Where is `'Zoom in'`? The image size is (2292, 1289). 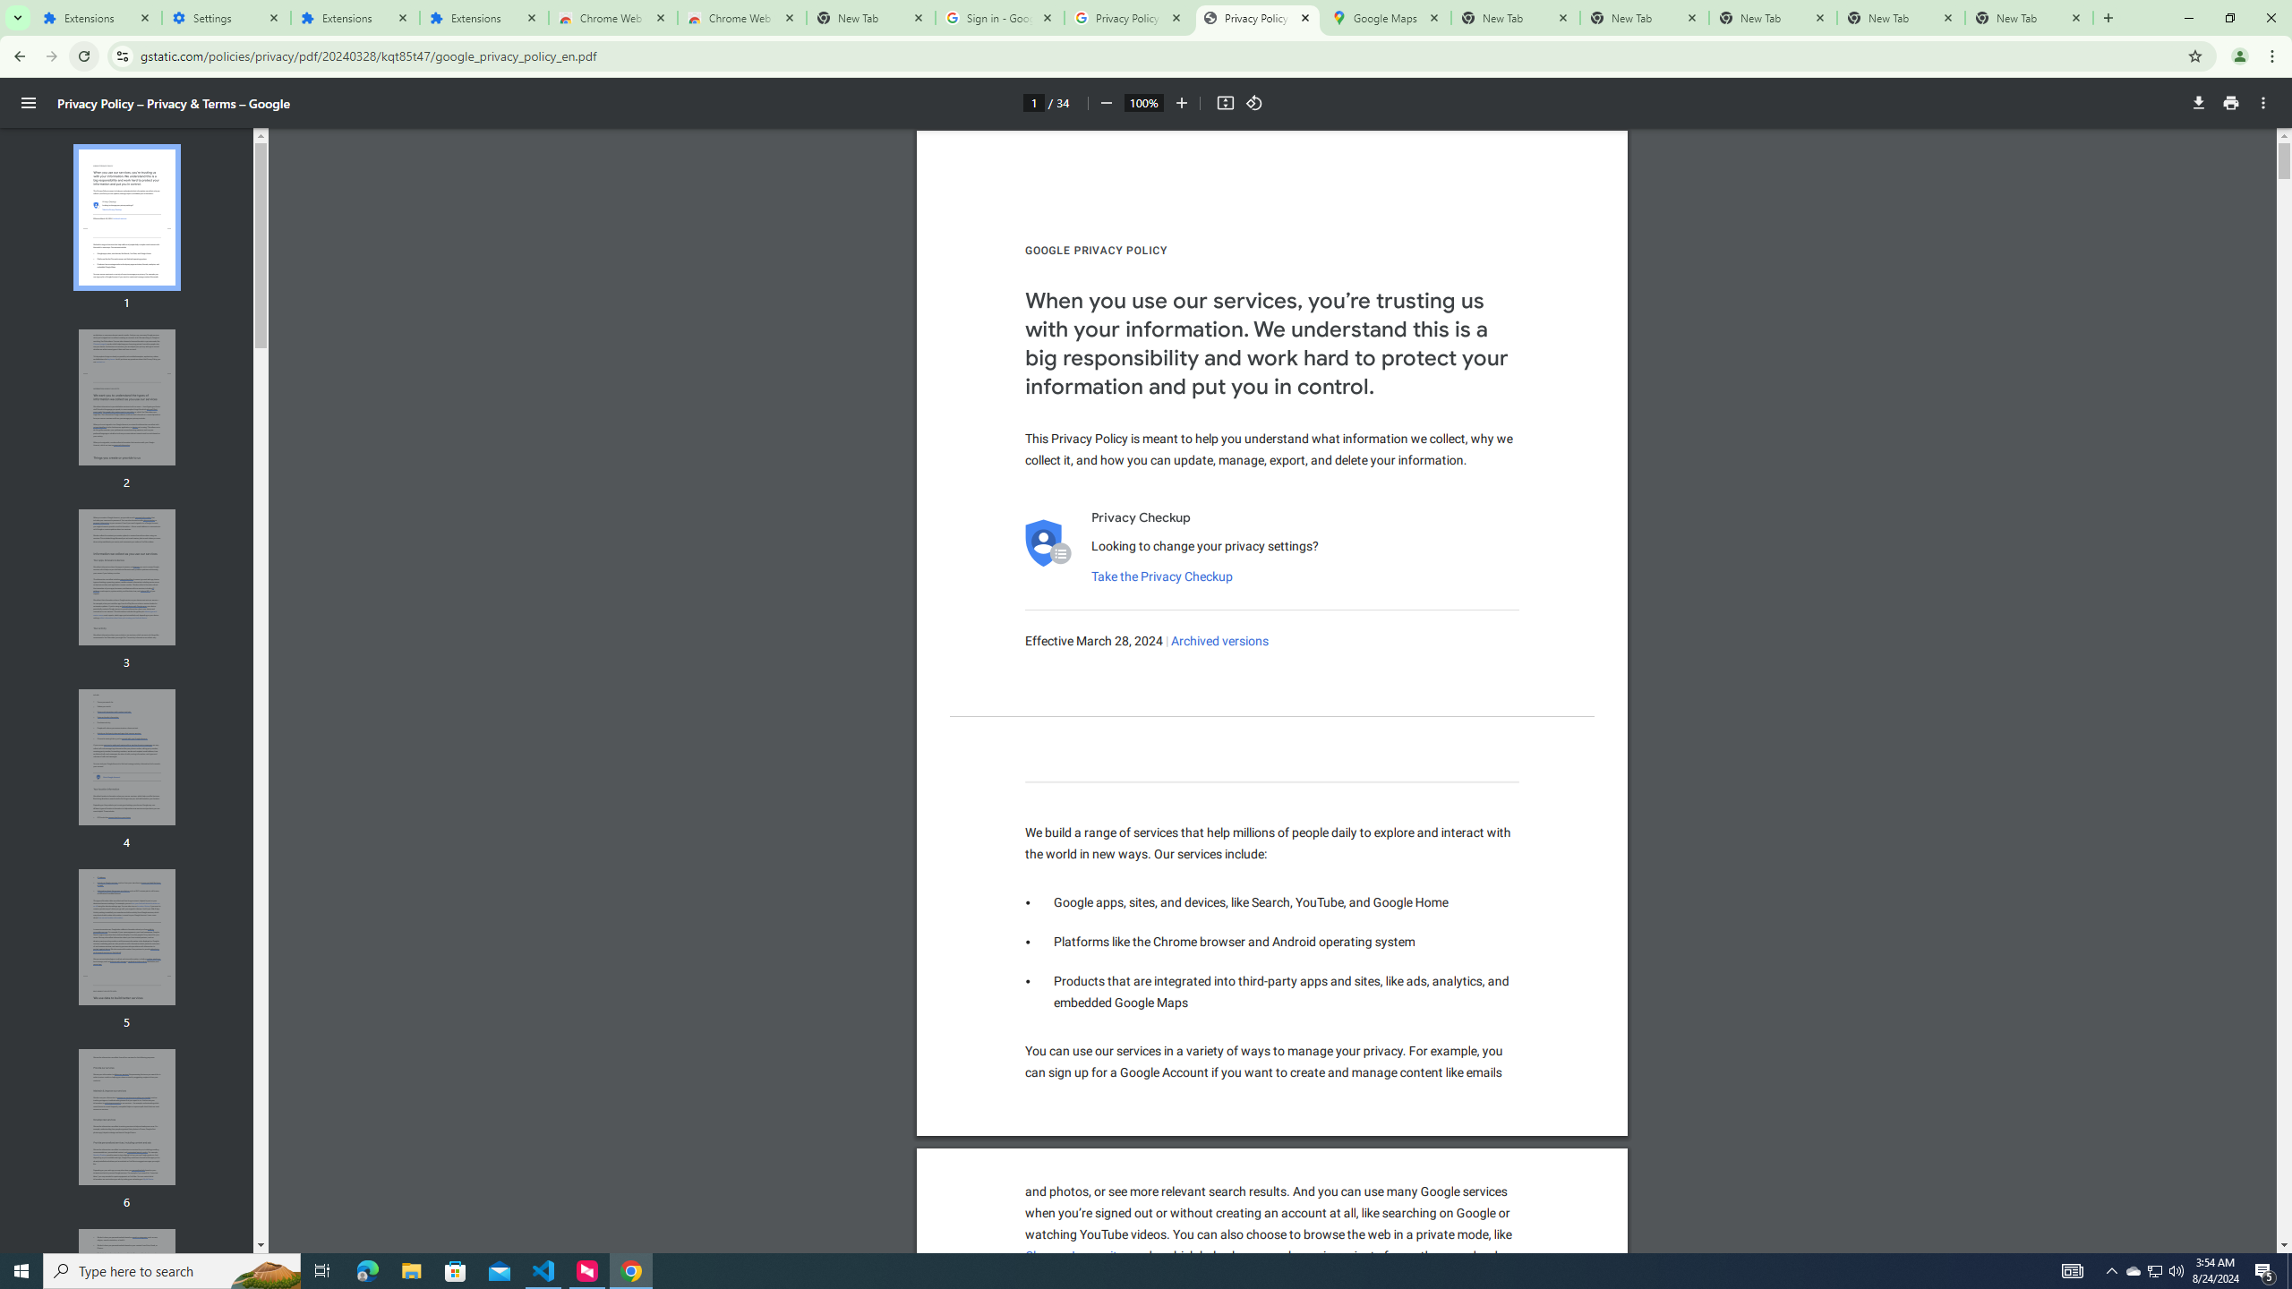
'Zoom in' is located at coordinates (1180, 102).